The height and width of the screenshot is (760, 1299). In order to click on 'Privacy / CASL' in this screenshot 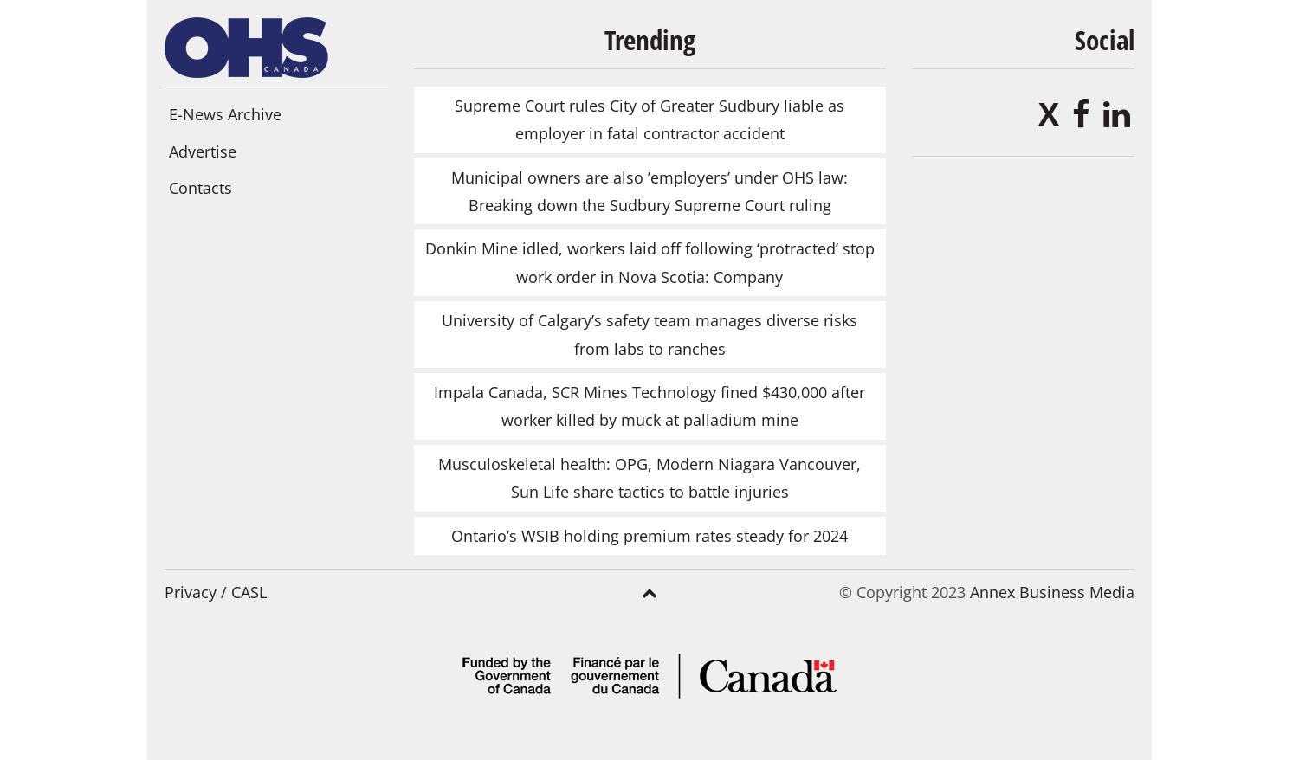, I will do `click(215, 590)`.